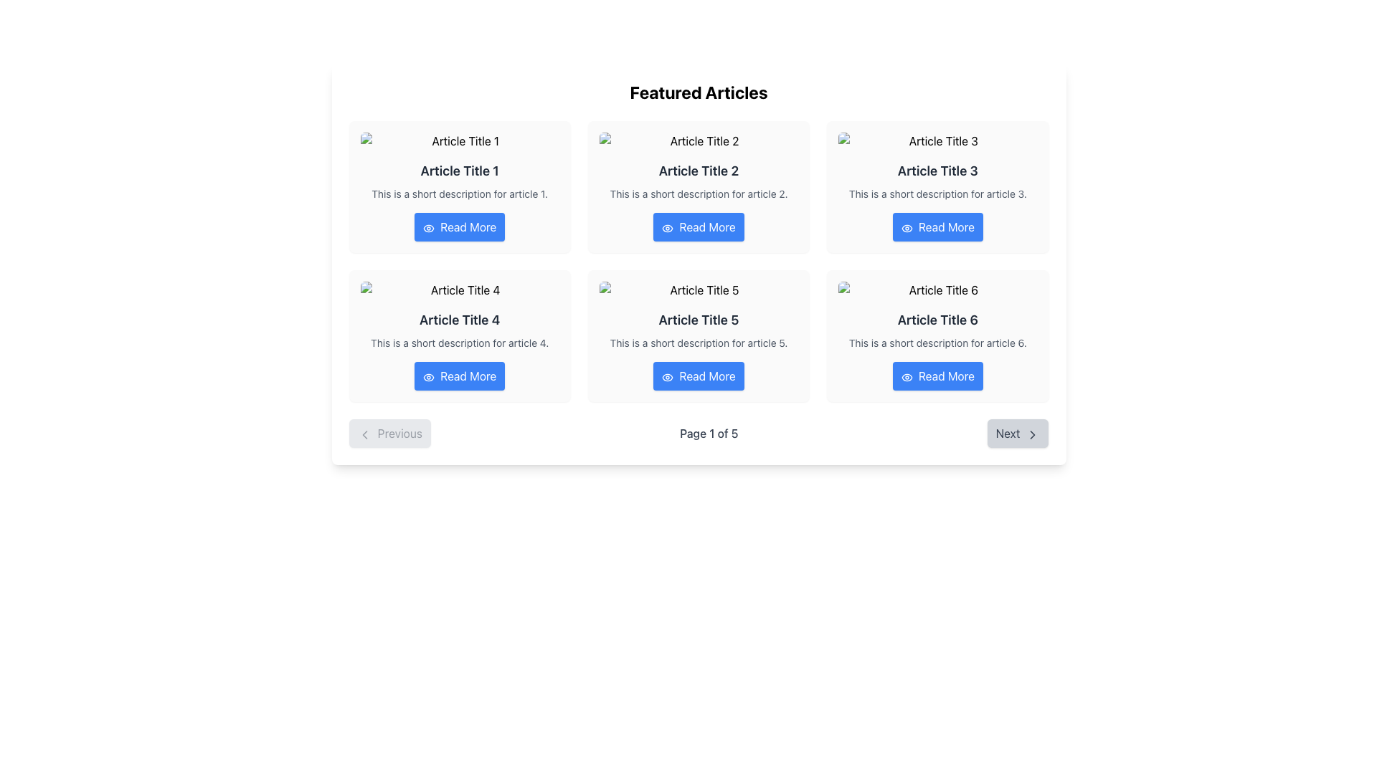  I want to click on text content of the concise text snippet styled with a small font size and gray color, located below 'Article Title 1' and above the blue 'Read More' button in the first tile of the grid displaying featured articles, so click(460, 193).